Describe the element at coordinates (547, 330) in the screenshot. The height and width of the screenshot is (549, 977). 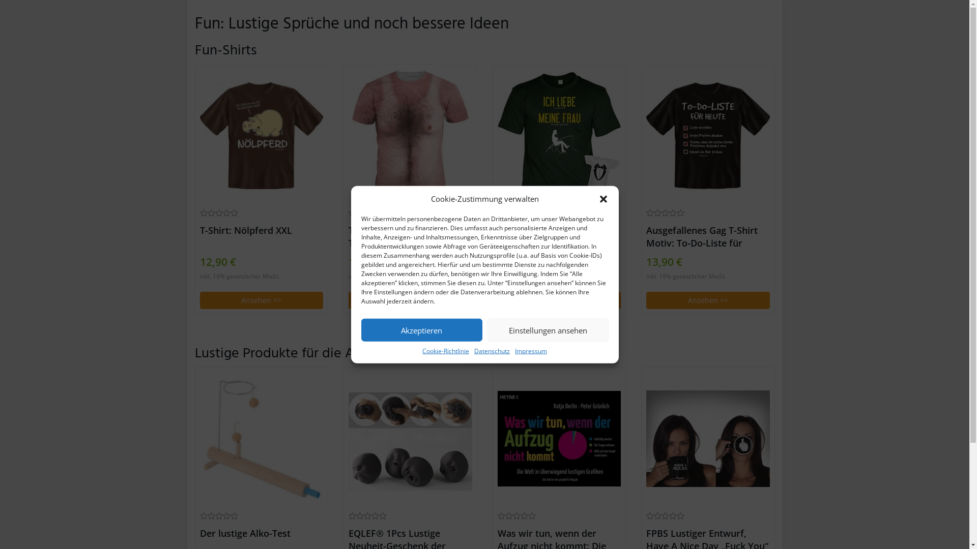
I see `'Einstellungen ansehen'` at that location.